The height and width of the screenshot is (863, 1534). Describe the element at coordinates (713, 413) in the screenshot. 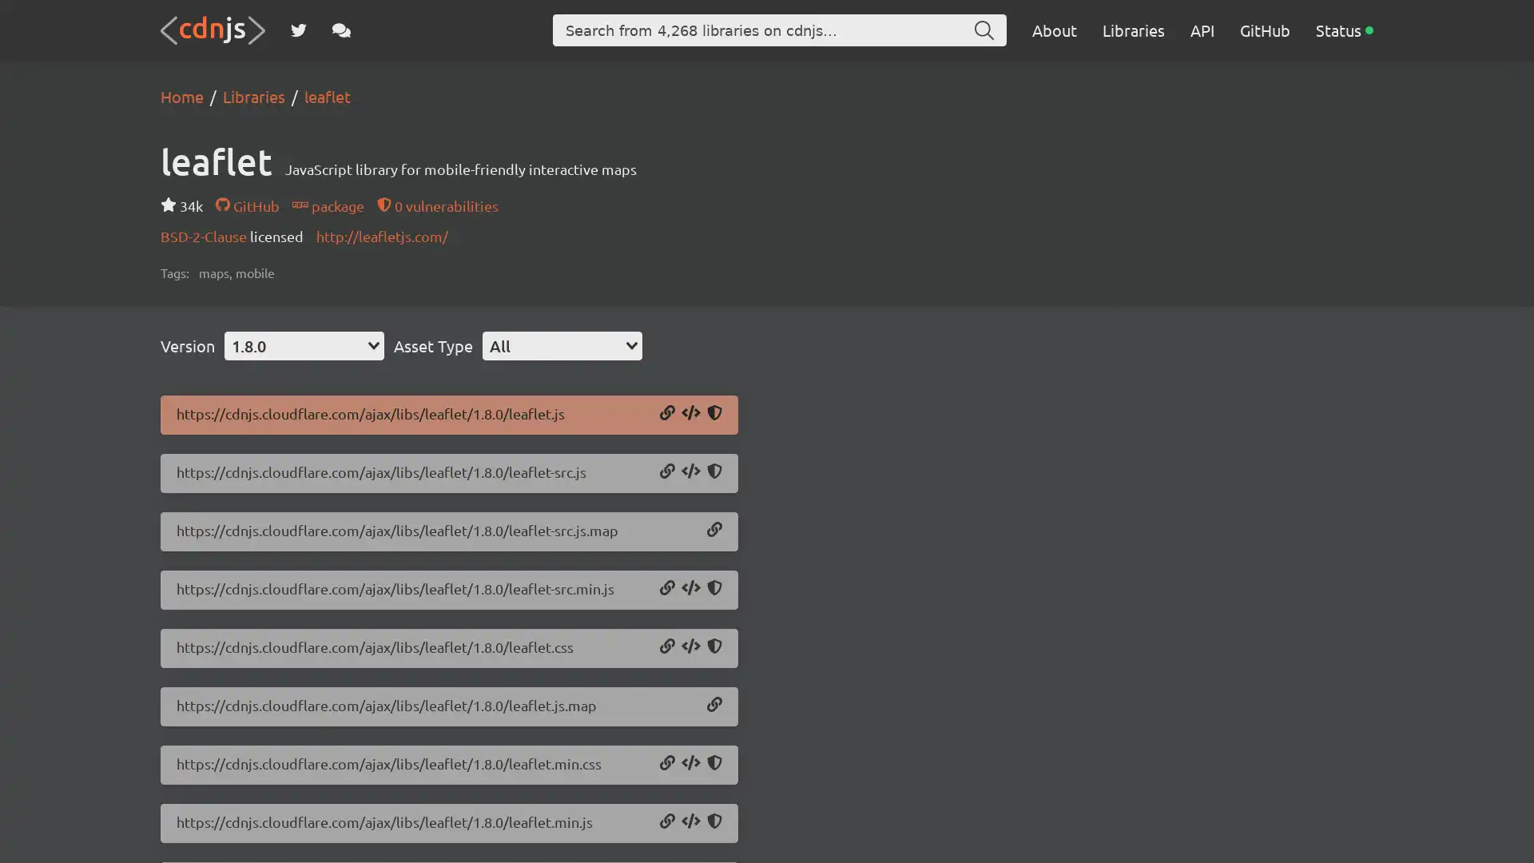

I see `Copy SRI Hash` at that location.